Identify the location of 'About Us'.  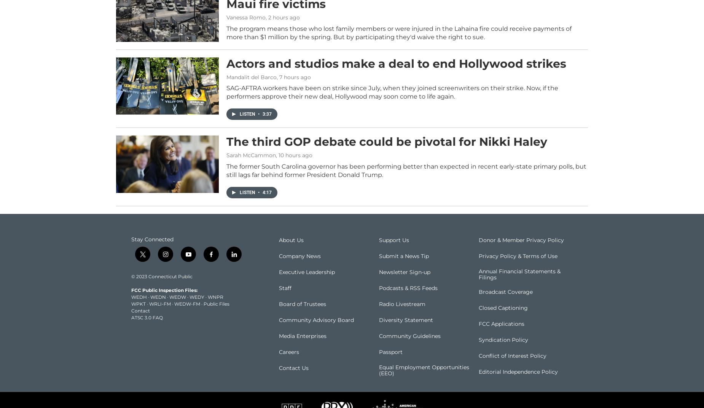
(291, 251).